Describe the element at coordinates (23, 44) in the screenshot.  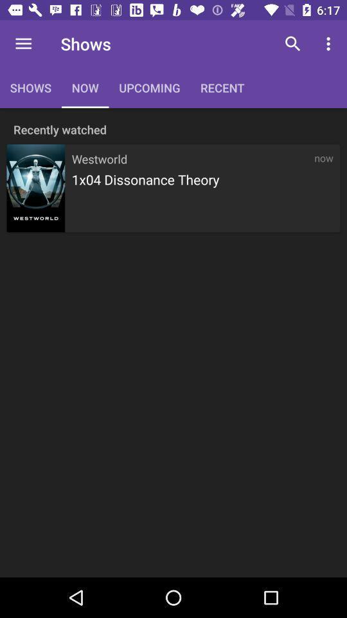
I see `the icon above the shows item` at that location.